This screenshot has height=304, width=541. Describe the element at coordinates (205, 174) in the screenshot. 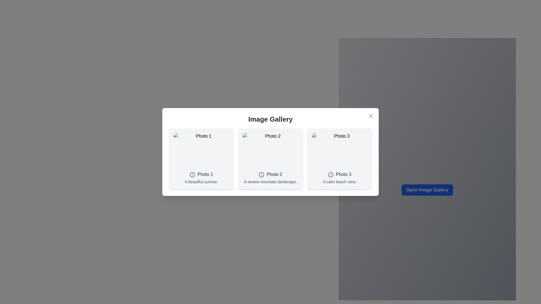

I see `the text label 'Photo 1', which is styled with a medium-weight font in dark gray color, located in the Photo 1 card above the descriptive text 'A beautiful sunrise'` at that location.